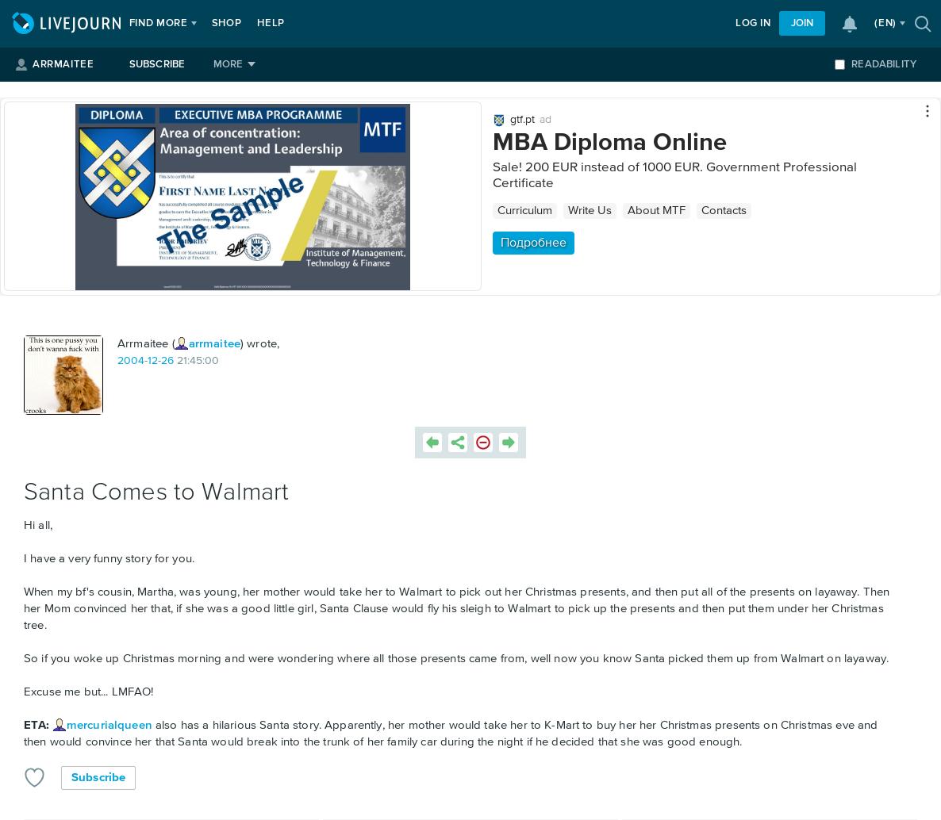 This screenshot has height=820, width=941. Describe the element at coordinates (129, 359) in the screenshot. I see `'2004'` at that location.